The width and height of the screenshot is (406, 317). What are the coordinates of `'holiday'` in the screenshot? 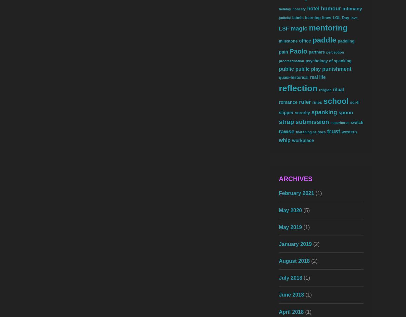 It's located at (285, 9).